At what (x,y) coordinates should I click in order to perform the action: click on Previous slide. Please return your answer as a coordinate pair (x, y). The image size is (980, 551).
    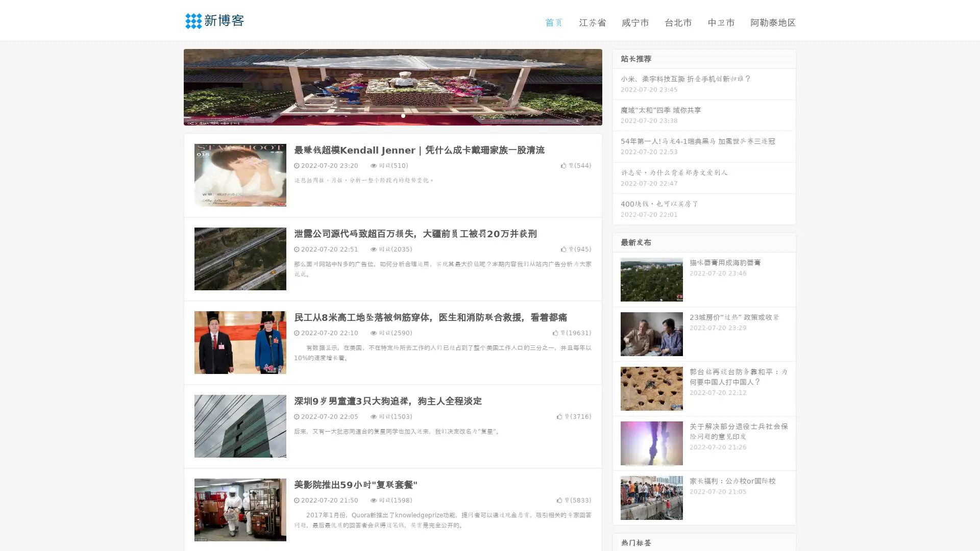
    Looking at the image, I should click on (168, 86).